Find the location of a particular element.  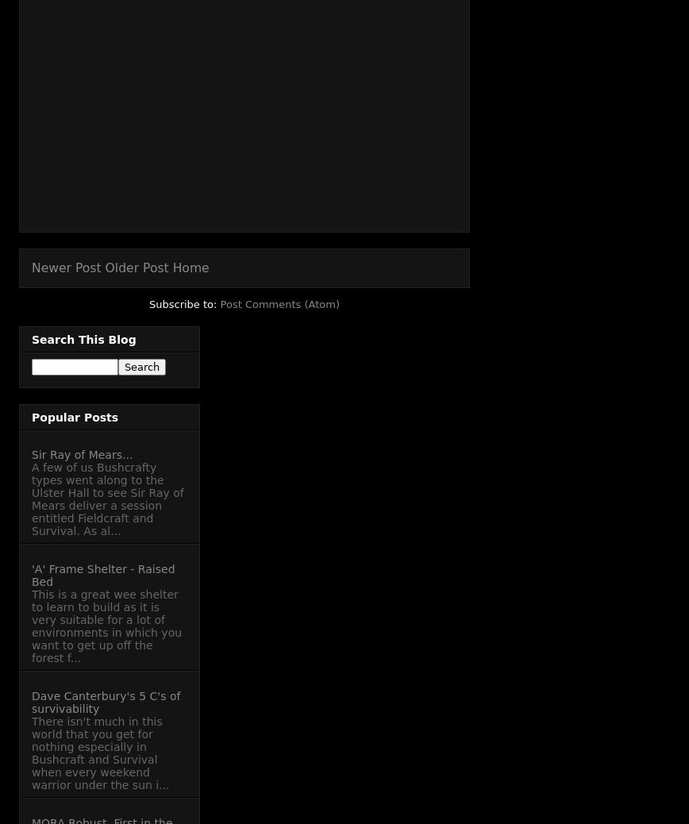

'Sir Ray of Mears...' is located at coordinates (32, 453).